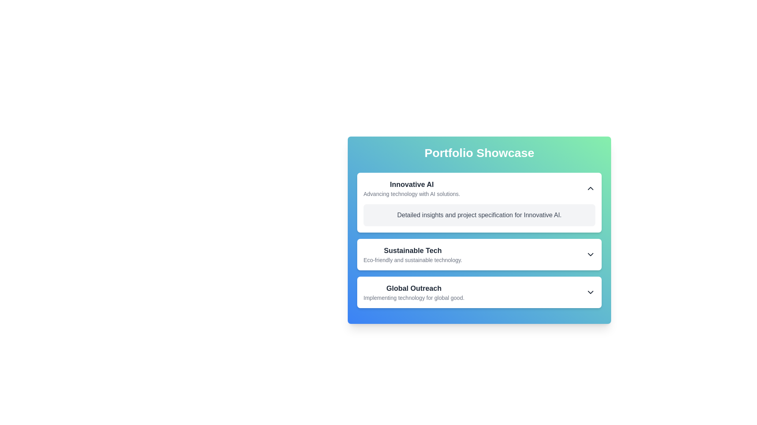 The image size is (757, 425). Describe the element at coordinates (414, 288) in the screenshot. I see `the text label that serves as the title for the third section in a card-like layout, which is positioned above the description 'Implementing technology for global good.'` at that location.